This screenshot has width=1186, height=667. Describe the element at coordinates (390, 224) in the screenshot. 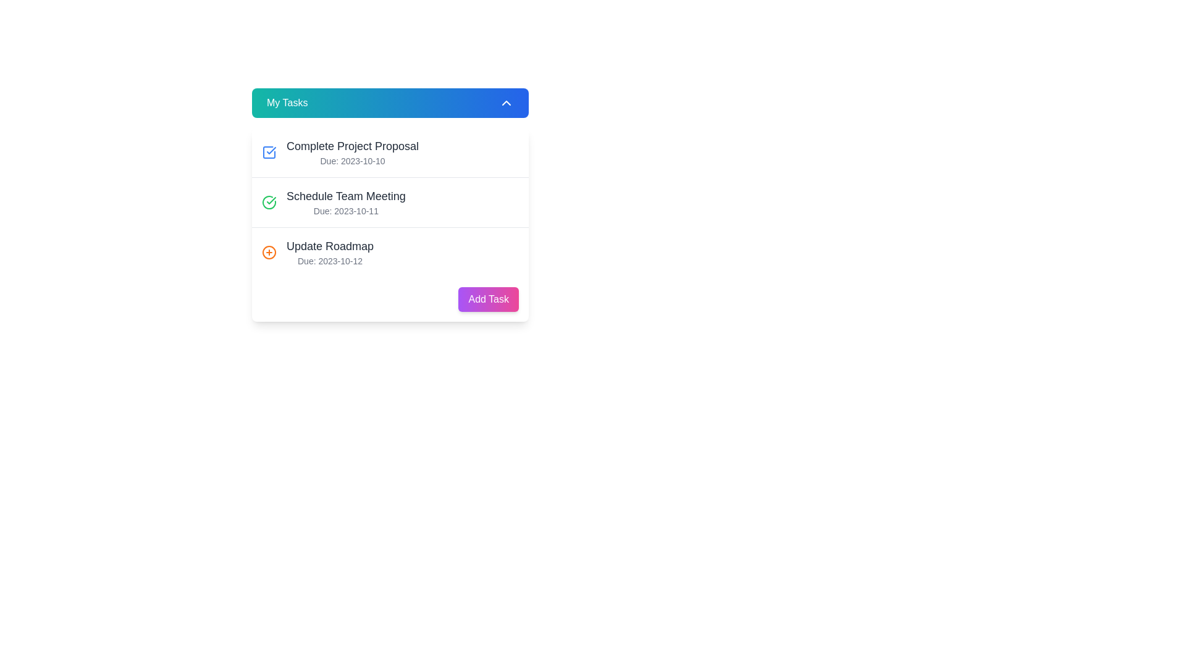

I see `the task item 'Complete Project Proposal' in the task list` at that location.